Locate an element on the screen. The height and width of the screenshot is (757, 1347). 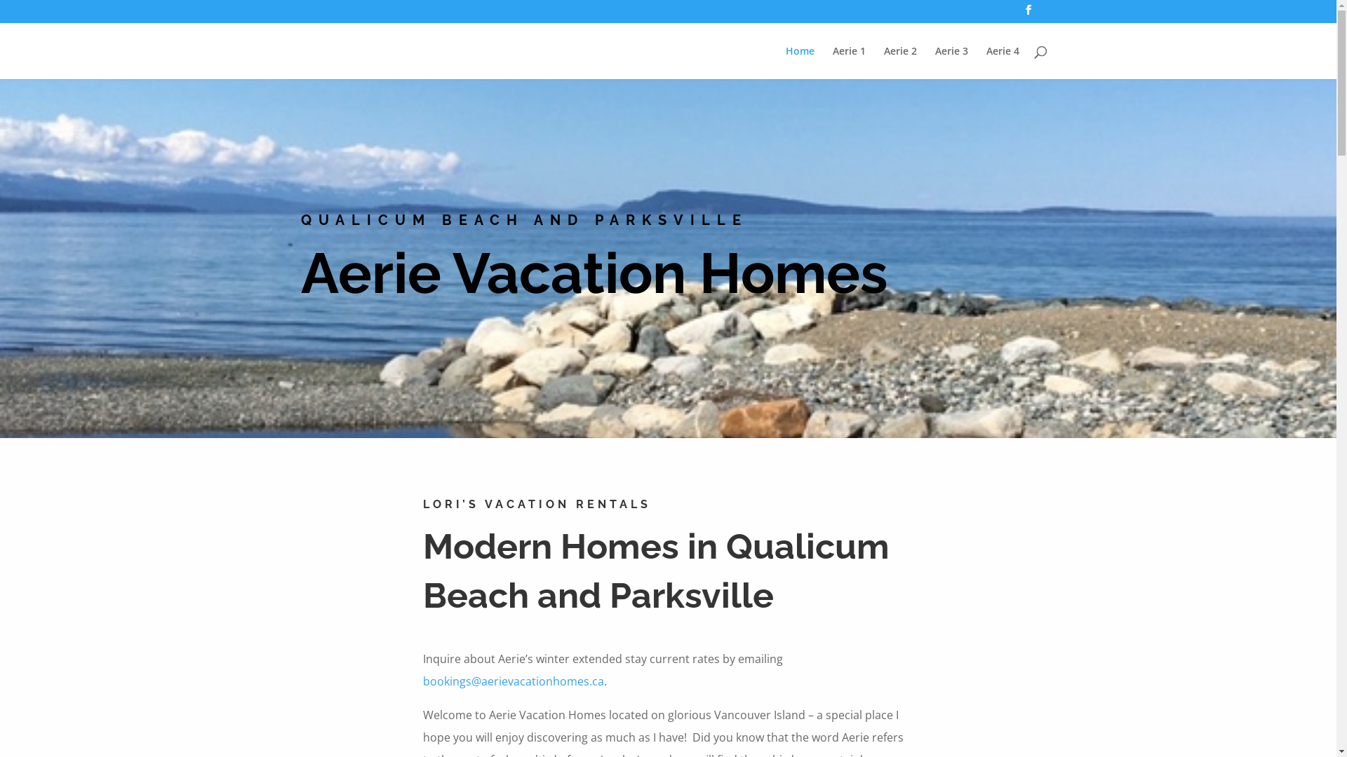
'Home' is located at coordinates (800, 62).